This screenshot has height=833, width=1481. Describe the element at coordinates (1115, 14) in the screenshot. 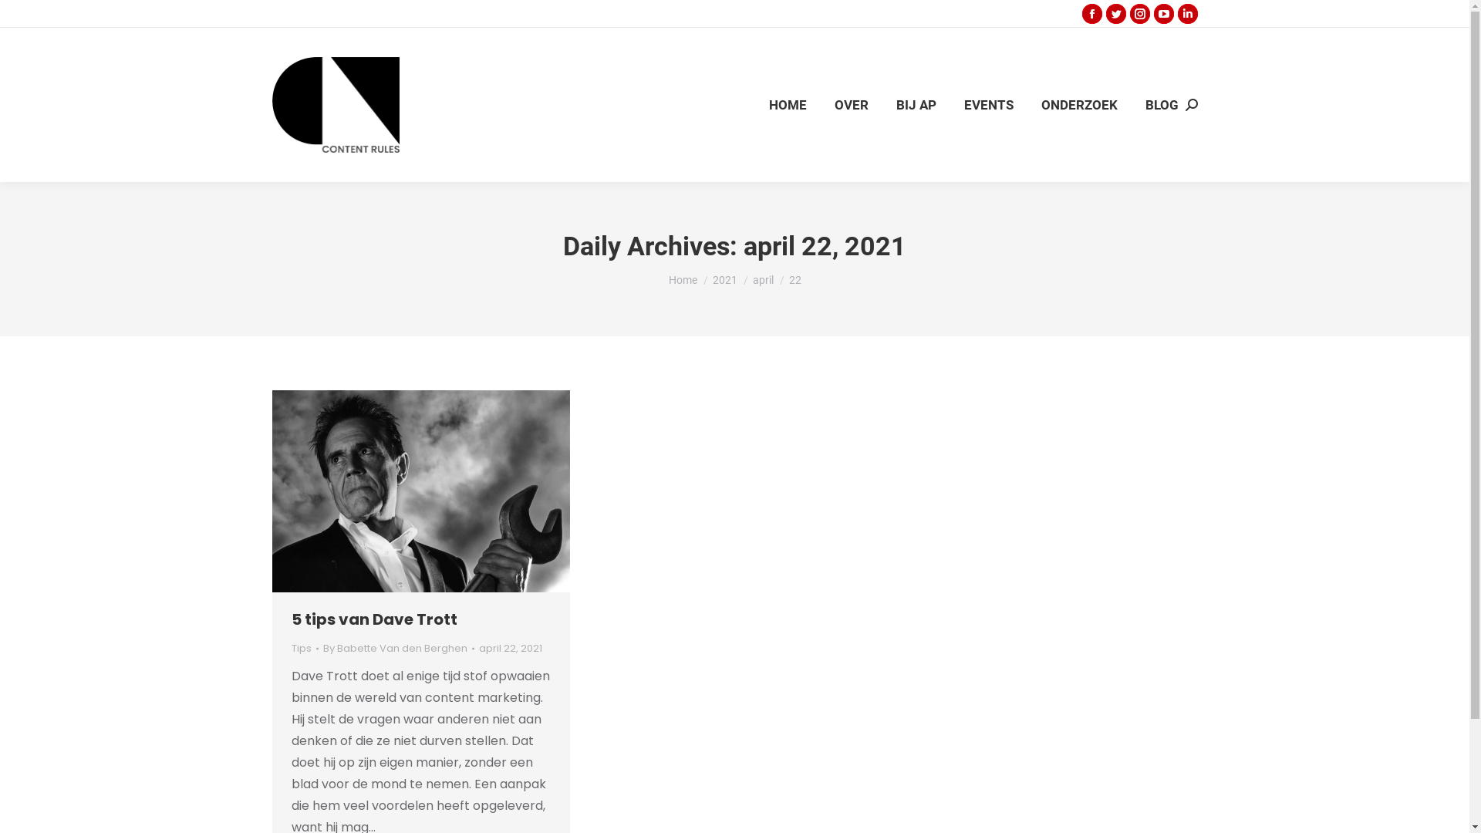

I see `'Twitter page opens in new window'` at that location.